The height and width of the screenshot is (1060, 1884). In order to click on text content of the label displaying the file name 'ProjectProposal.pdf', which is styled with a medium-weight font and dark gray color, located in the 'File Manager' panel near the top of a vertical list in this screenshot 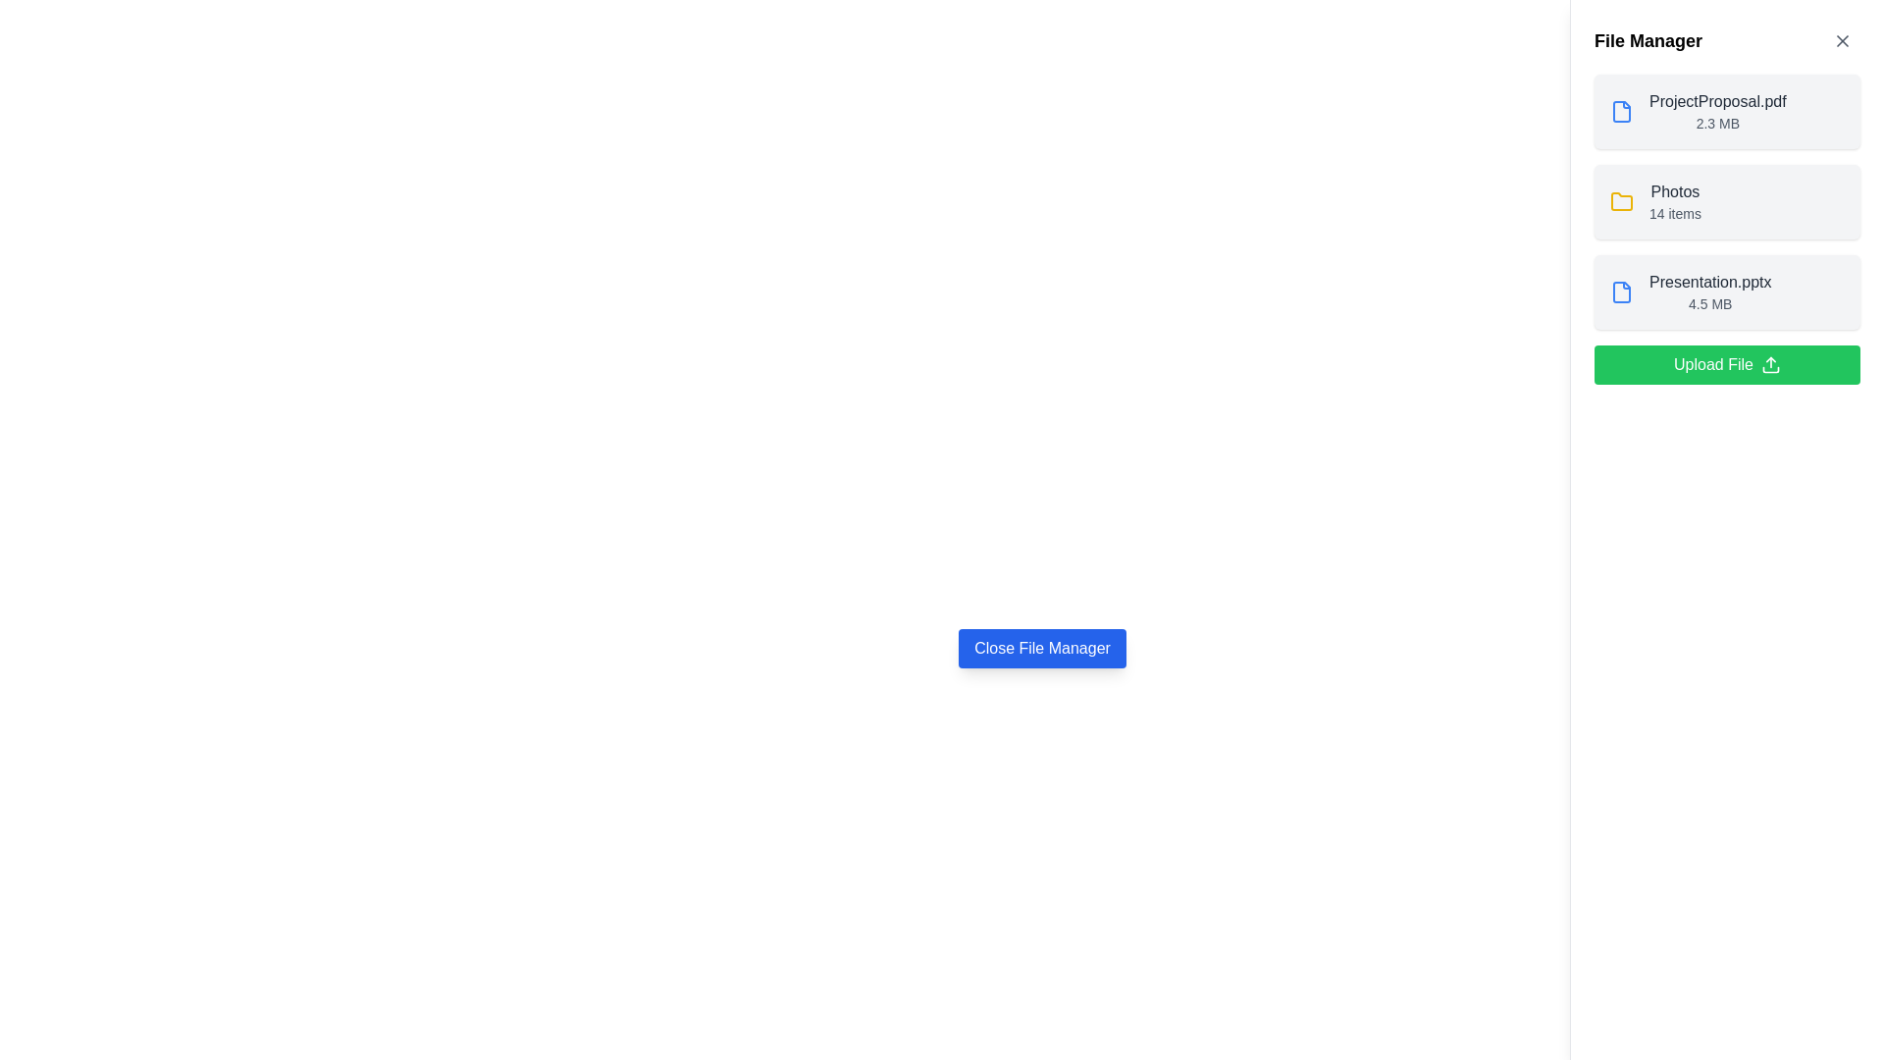, I will do `click(1716, 102)`.